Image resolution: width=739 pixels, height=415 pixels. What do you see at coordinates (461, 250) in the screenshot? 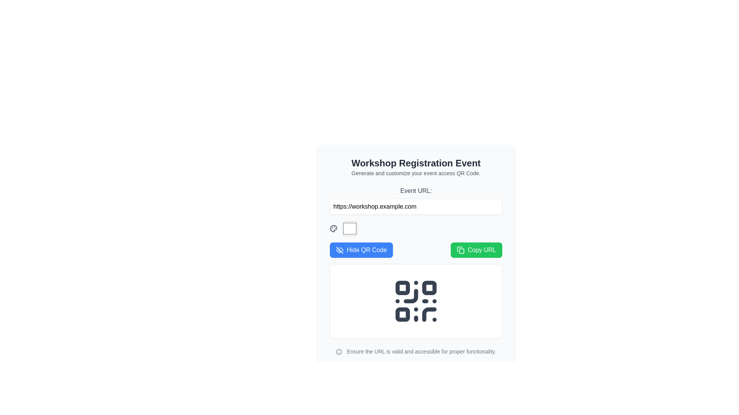
I see `the copy URL icon located in the upper-right region of the interface, adjacent to the event URL and the 'Hide QR Code' button` at bounding box center [461, 250].